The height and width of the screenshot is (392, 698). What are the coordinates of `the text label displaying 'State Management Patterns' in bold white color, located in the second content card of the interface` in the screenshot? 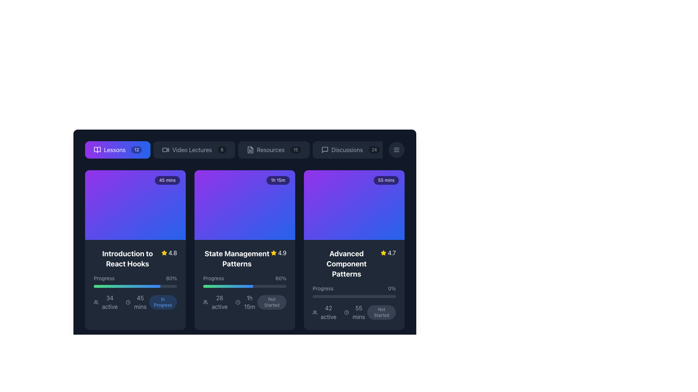 It's located at (237, 258).